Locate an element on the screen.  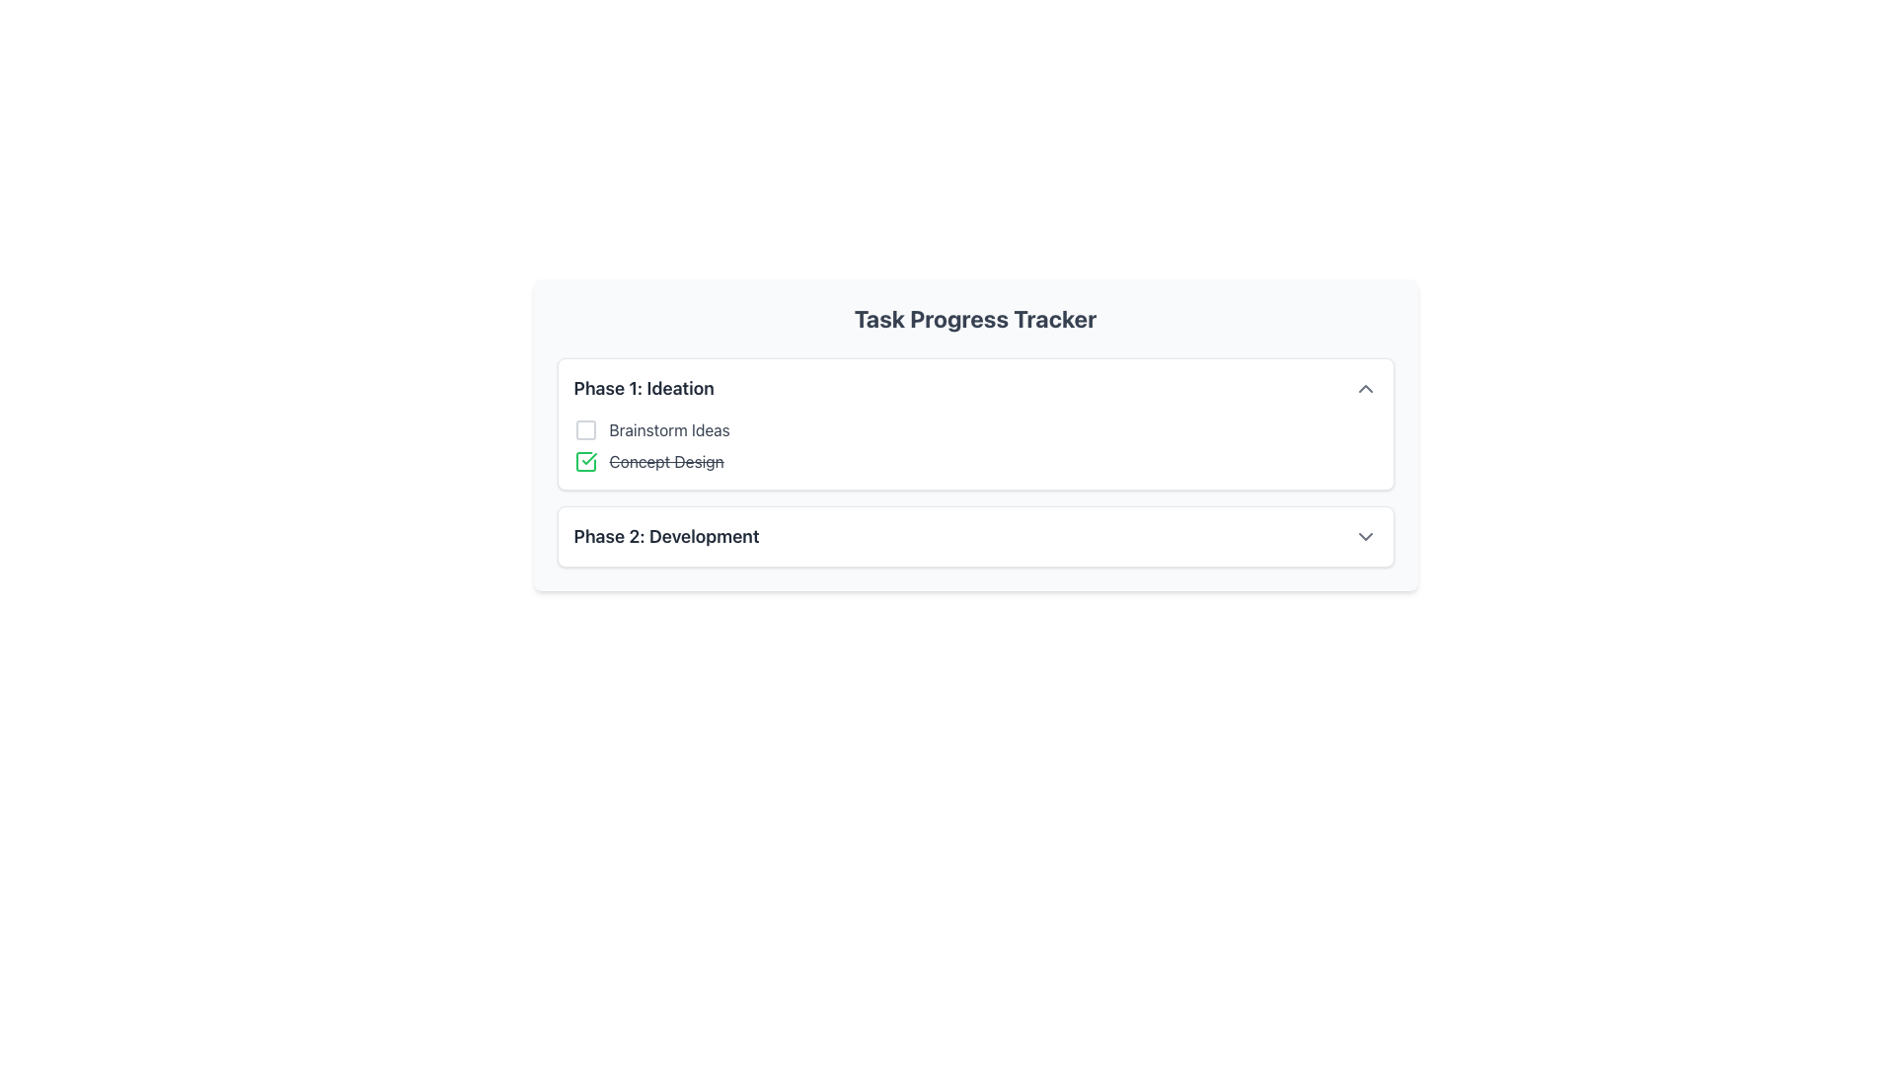
the upward-pointing chevron icon with a white fill and gray outline, located beside the label 'Phase 1: Ideation' is located at coordinates (1364, 388).